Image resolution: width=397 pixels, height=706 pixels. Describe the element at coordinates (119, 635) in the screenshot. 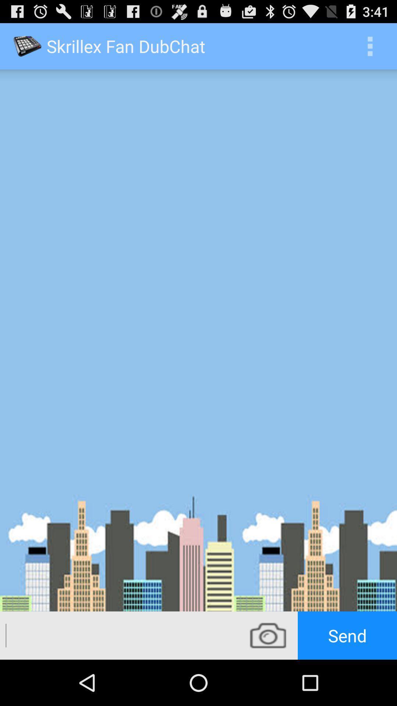

I see `messages here` at that location.